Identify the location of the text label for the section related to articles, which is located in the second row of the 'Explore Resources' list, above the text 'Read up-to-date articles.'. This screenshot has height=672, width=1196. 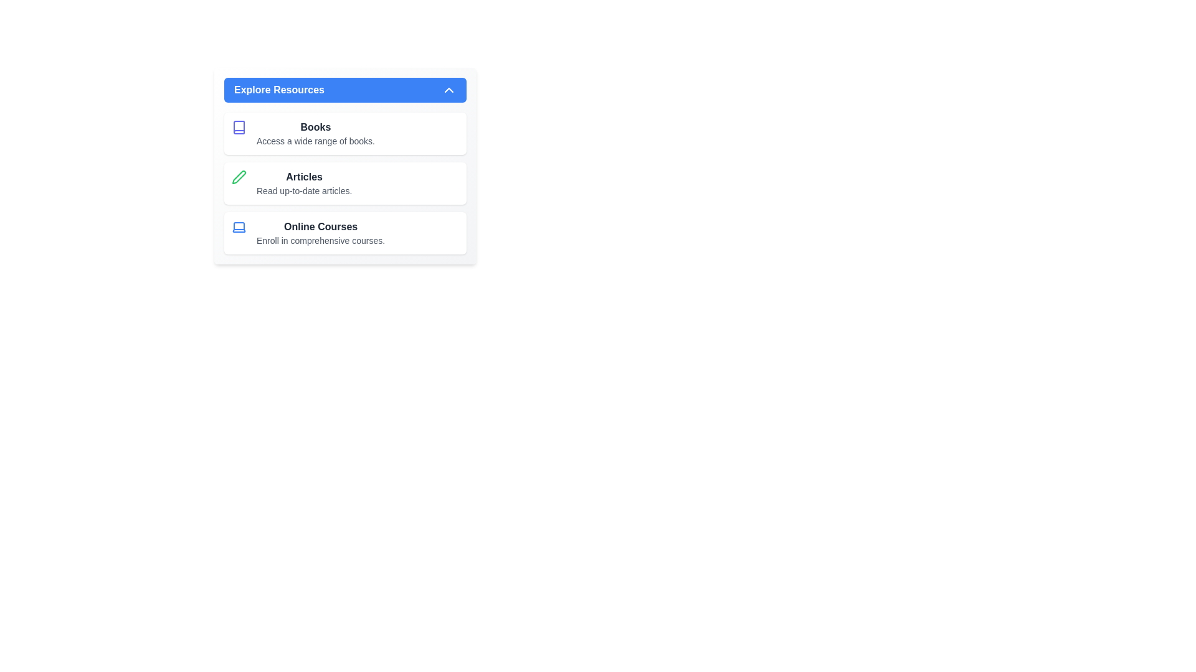
(304, 177).